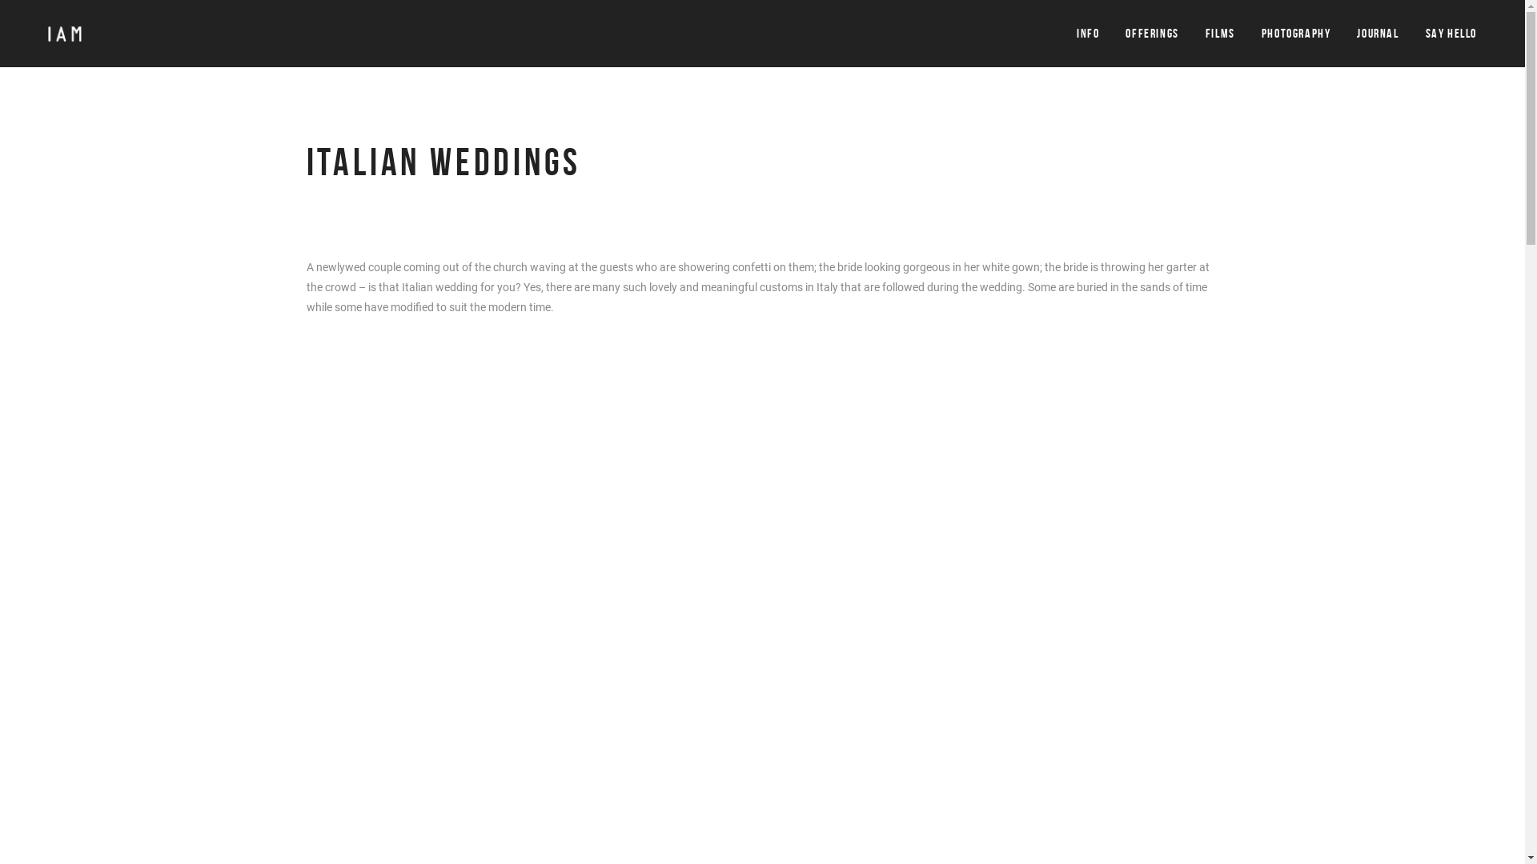  What do you see at coordinates (565, 711) in the screenshot?
I see `'Subscribe'` at bounding box center [565, 711].